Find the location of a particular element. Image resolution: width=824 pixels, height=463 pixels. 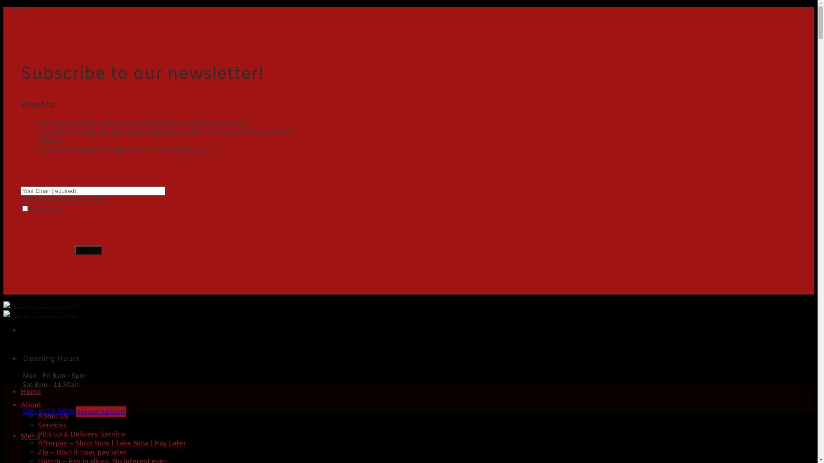

'About Us' is located at coordinates (37, 416).